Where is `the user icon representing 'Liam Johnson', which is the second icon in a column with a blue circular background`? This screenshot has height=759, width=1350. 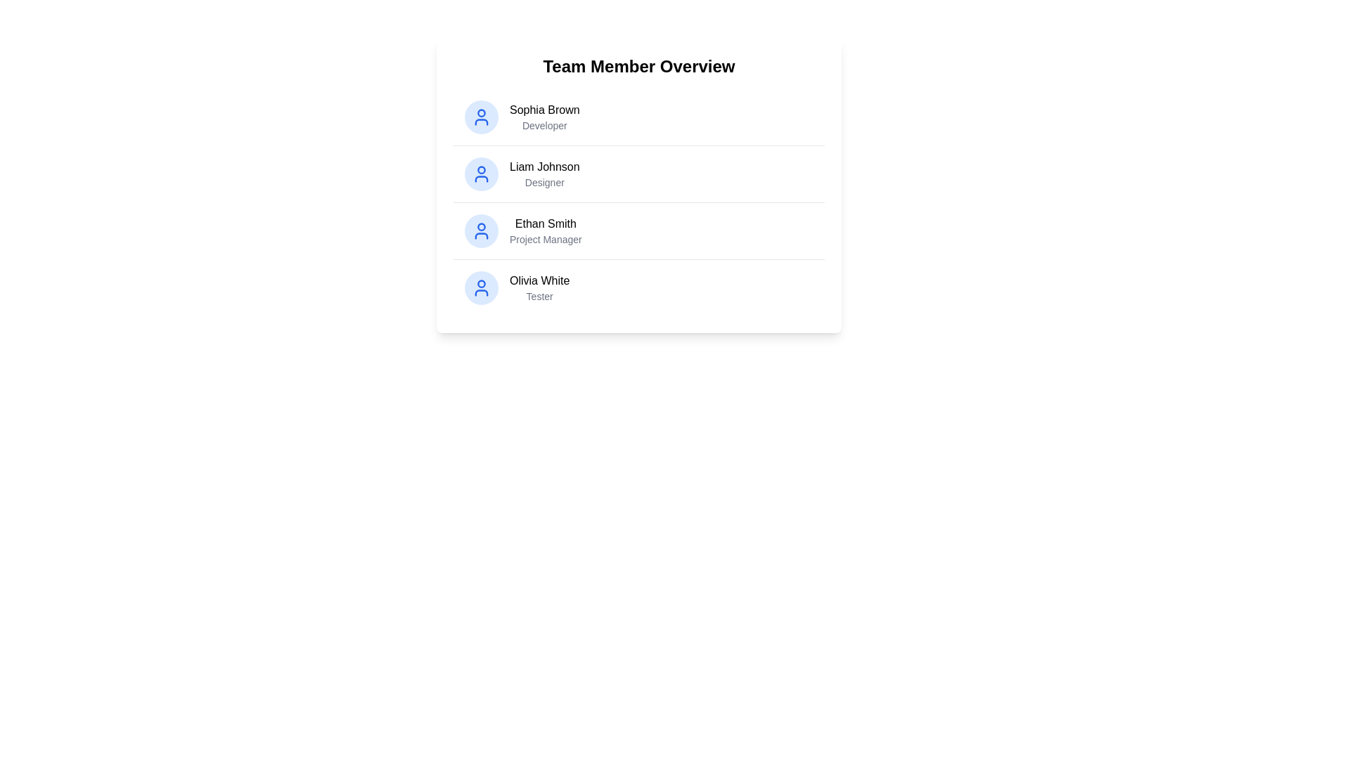
the user icon representing 'Liam Johnson', which is the second icon in a column with a blue circular background is located at coordinates (482, 173).